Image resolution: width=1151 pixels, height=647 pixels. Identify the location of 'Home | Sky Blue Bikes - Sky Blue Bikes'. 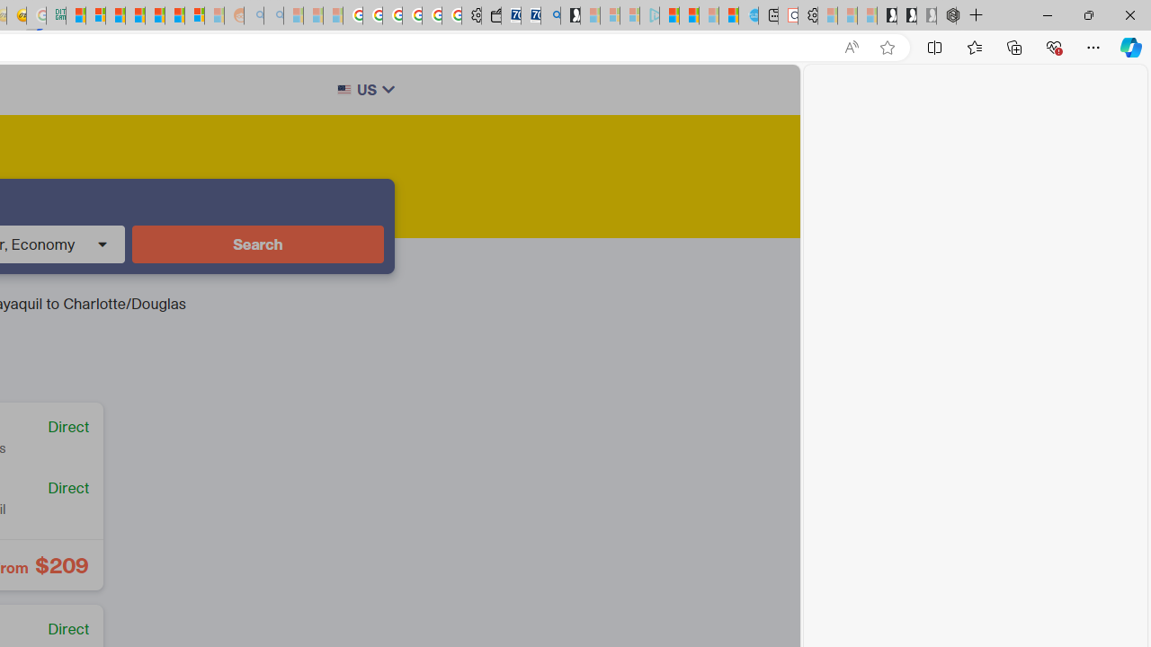
(748, 15).